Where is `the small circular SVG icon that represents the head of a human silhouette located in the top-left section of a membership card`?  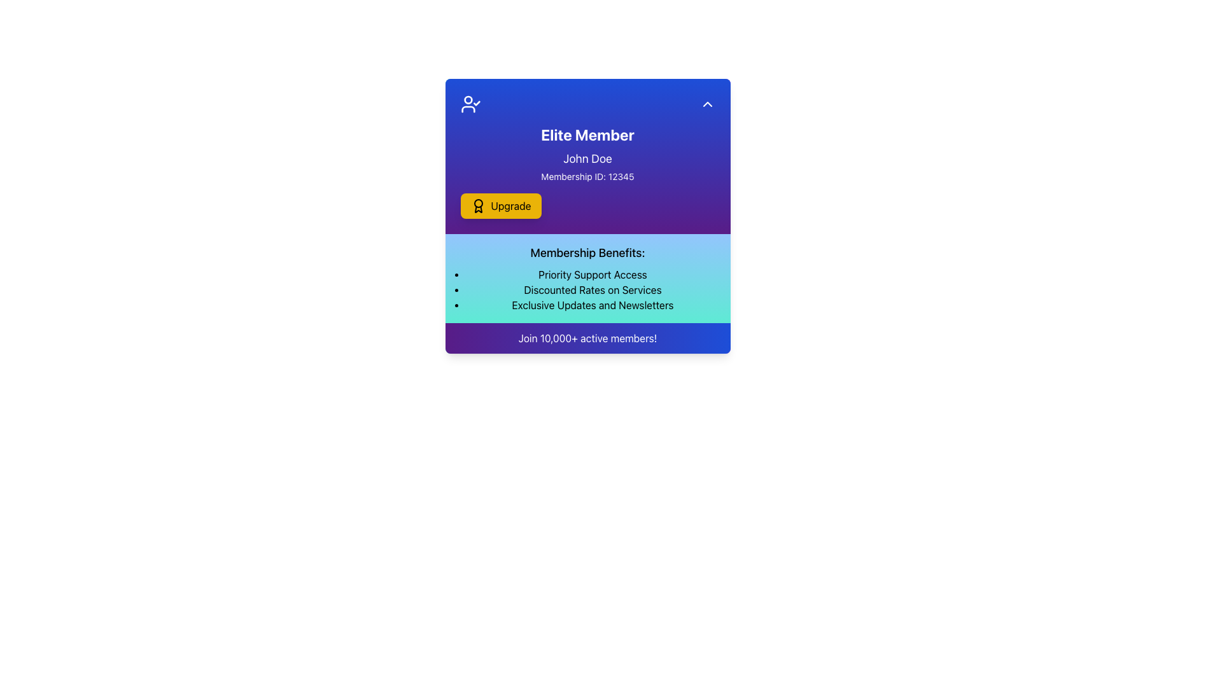 the small circular SVG icon that represents the head of a human silhouette located in the top-left section of a membership card is located at coordinates (467, 99).